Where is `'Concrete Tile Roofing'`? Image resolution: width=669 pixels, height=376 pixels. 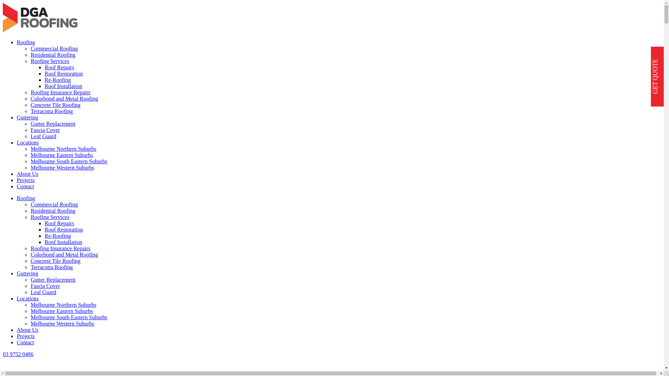
'Concrete Tile Roofing' is located at coordinates (55, 261).